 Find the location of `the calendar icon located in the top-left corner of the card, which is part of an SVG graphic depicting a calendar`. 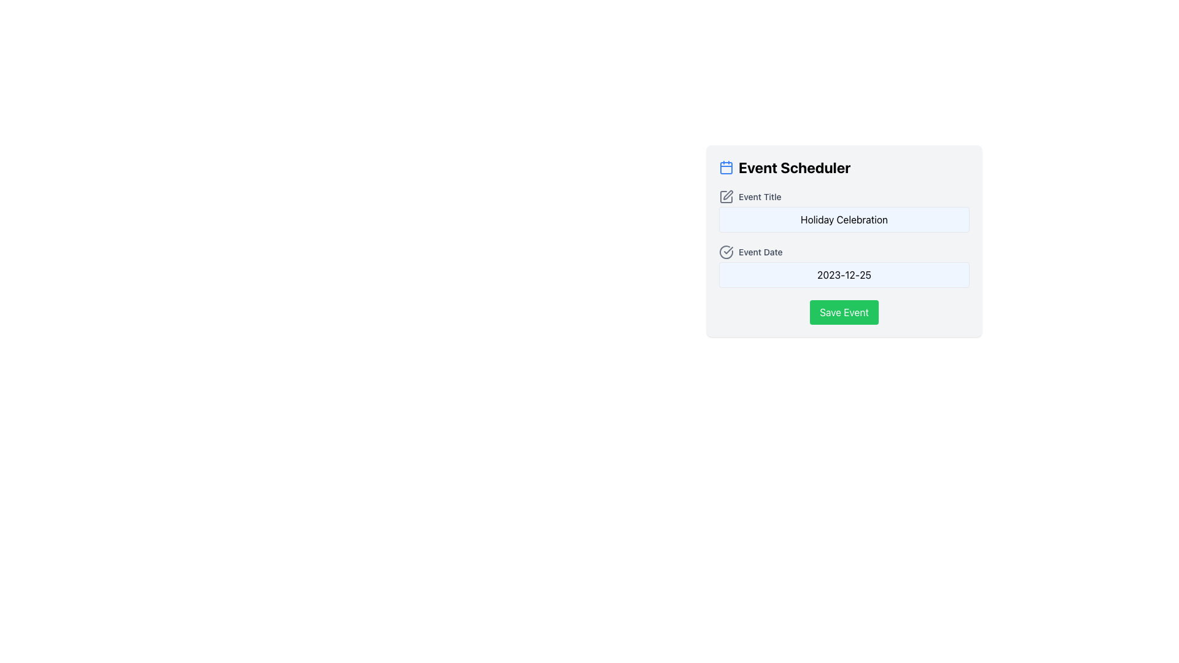

the calendar icon located in the top-left corner of the card, which is part of an SVG graphic depicting a calendar is located at coordinates (726, 168).